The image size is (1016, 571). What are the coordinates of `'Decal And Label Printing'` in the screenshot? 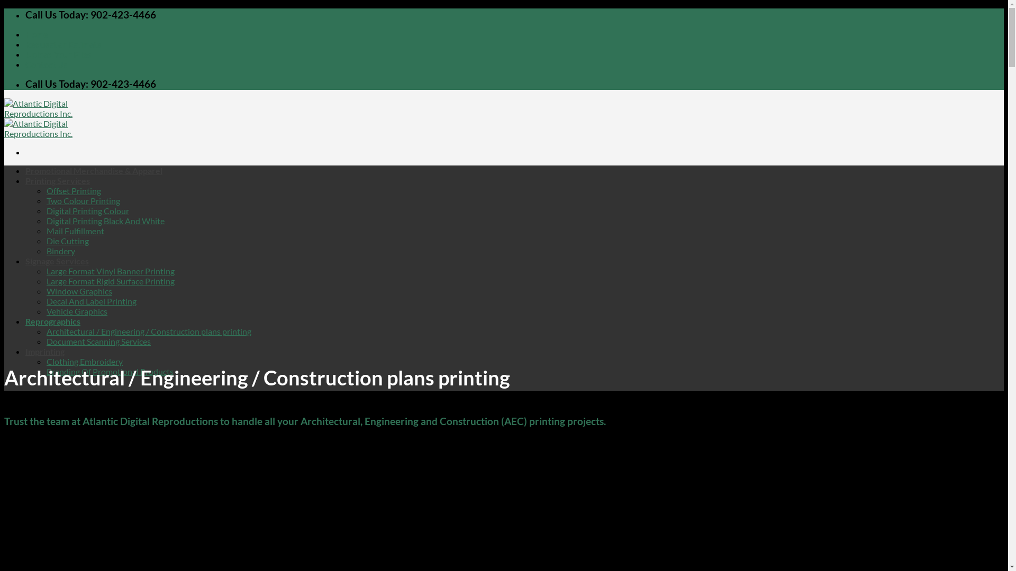 It's located at (91, 301).